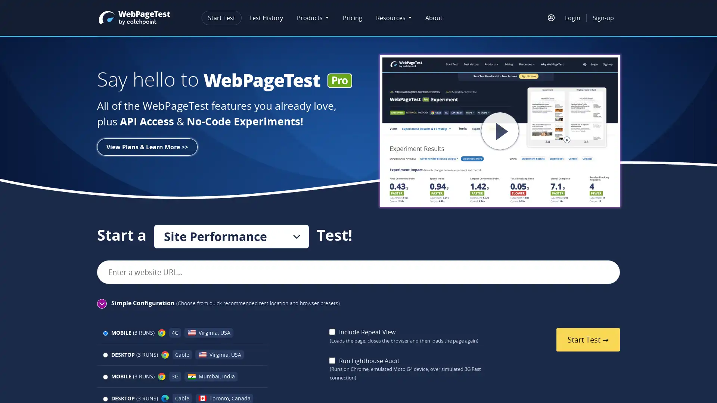 The height and width of the screenshot is (403, 717). I want to click on Play/Pause Video, so click(471, 131).